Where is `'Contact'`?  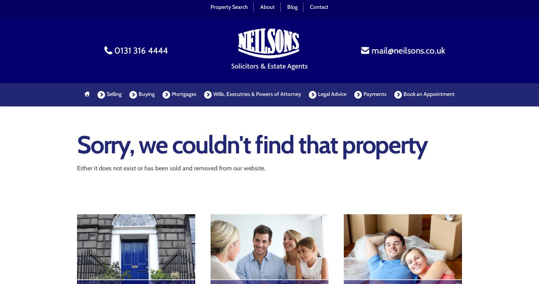
'Contact' is located at coordinates (310, 6).